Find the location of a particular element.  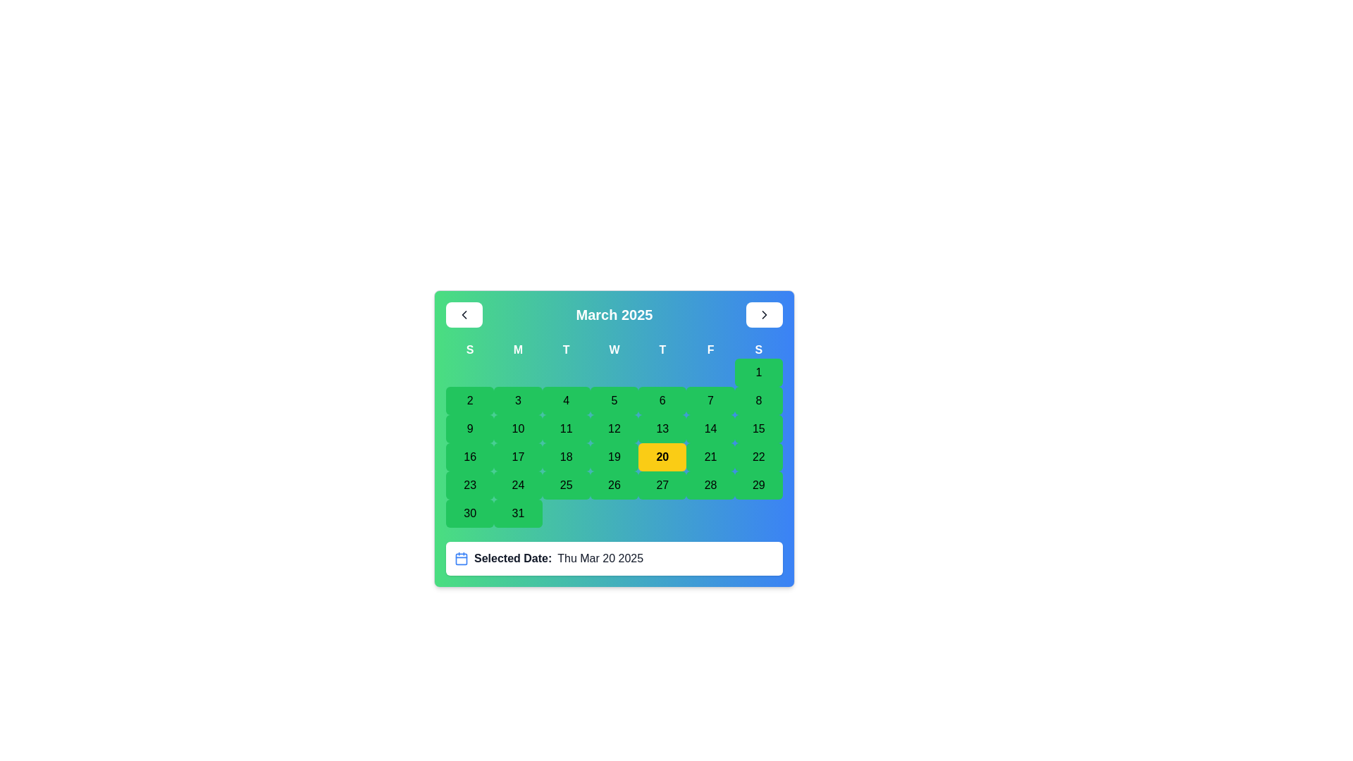

the '8' day button in the calendar is located at coordinates (758, 401).